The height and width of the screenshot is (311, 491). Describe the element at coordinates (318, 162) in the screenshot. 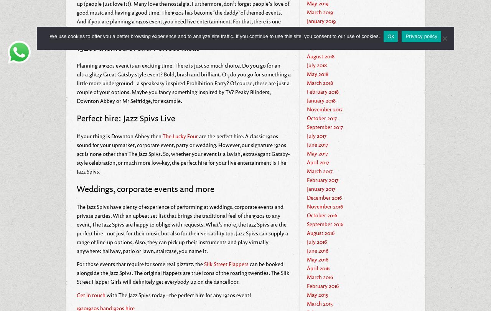

I see `'April 2017'` at that location.